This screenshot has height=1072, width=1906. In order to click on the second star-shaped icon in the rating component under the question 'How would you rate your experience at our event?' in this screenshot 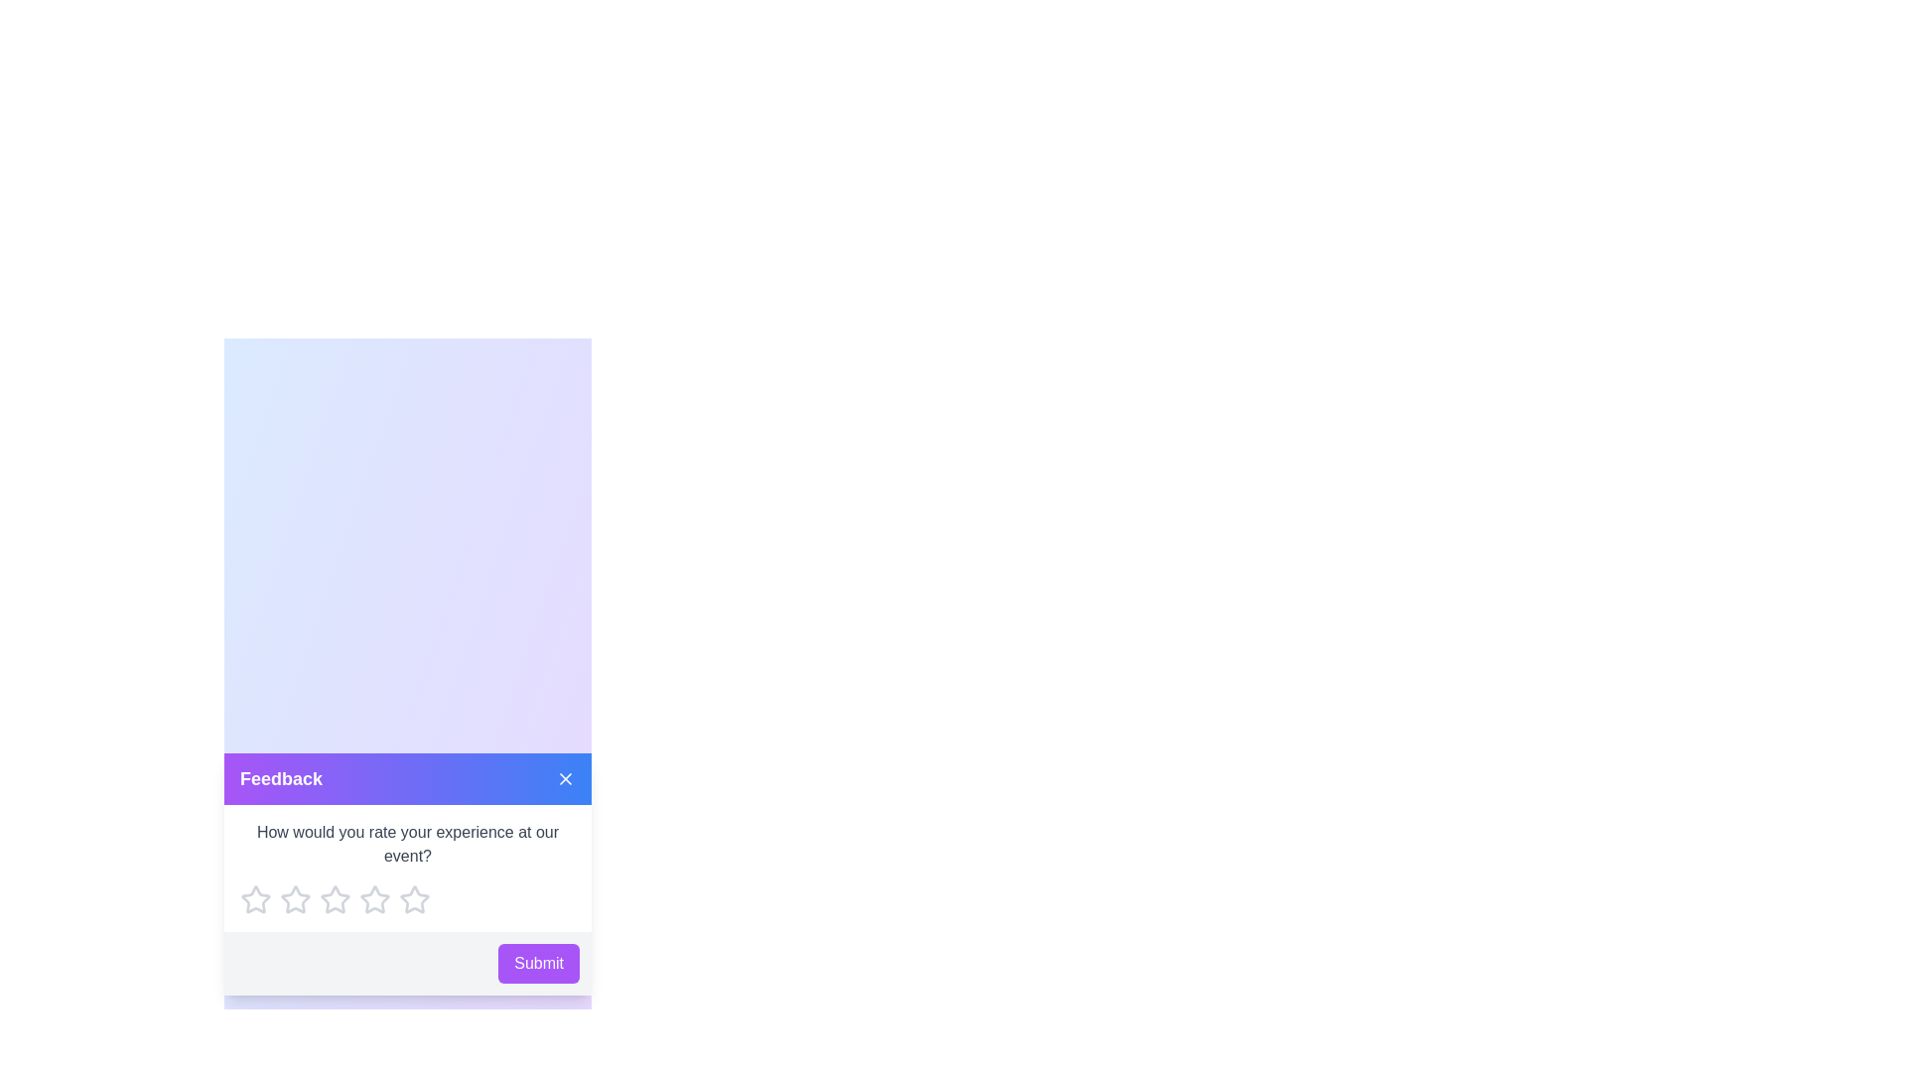, I will do `click(294, 899)`.